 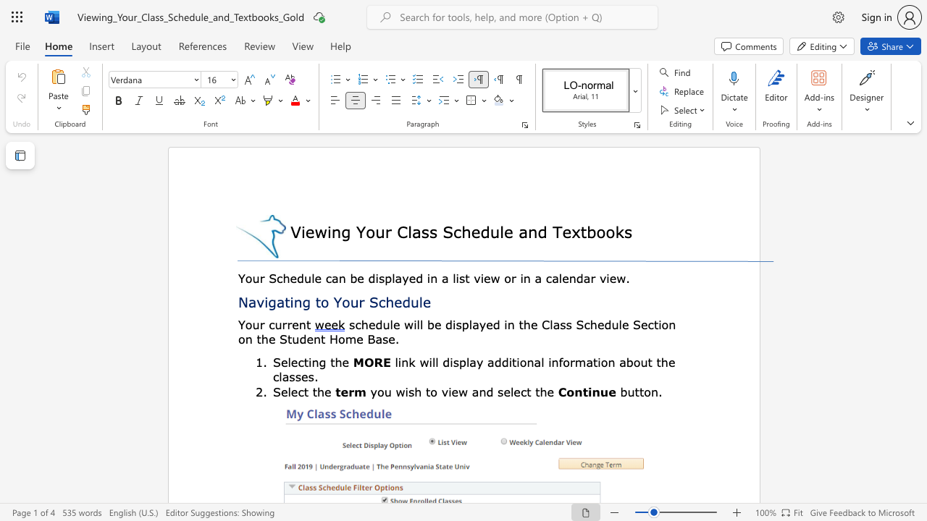 I want to click on the subset text "e and Tex" within the text "Viewing Your Class Schedule and Textbooks", so click(x=504, y=231).